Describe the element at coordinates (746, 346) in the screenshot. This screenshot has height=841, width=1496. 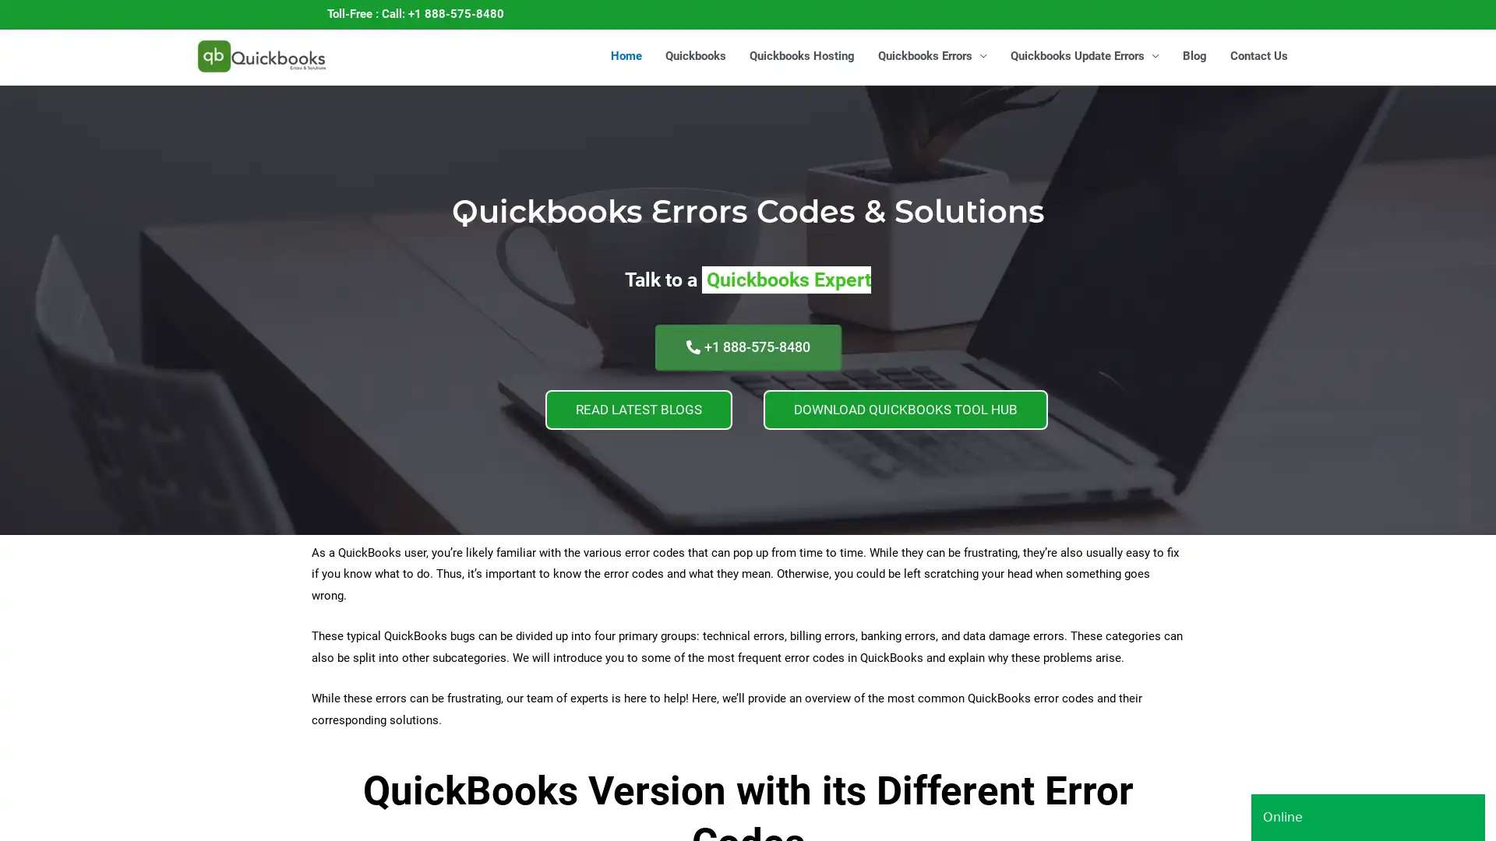
I see `+1 888-575-8480` at that location.